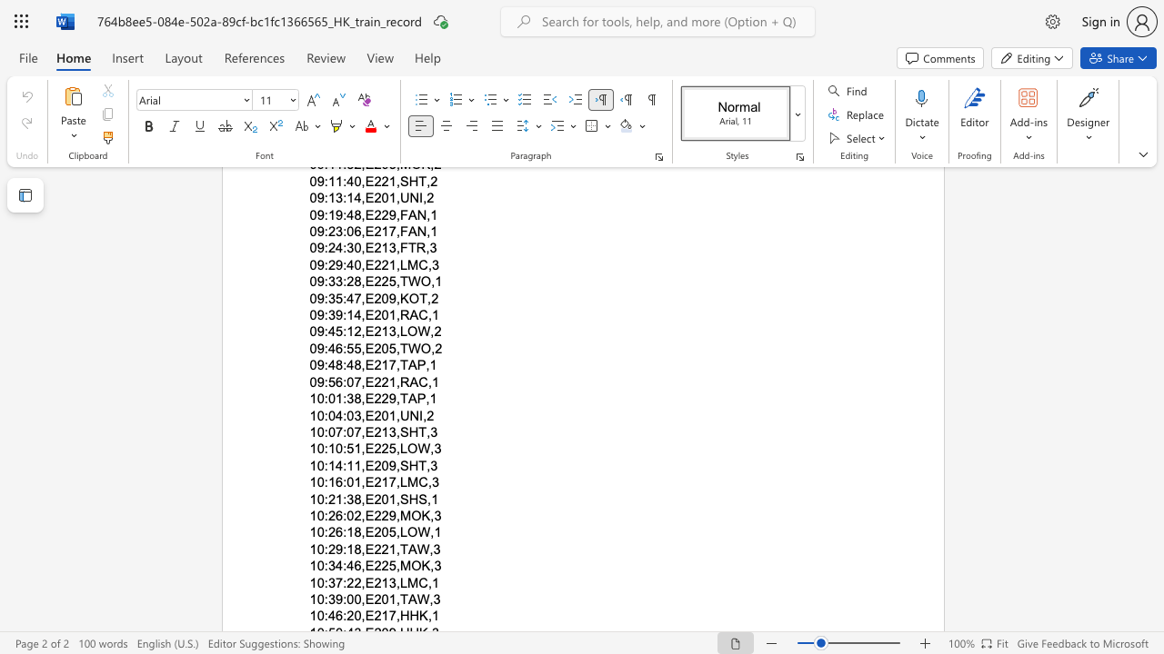  Describe the element at coordinates (364, 449) in the screenshot. I see `the subset text "E225,LOW" within the text "10:10:51,E225,LOW,3"` at that location.